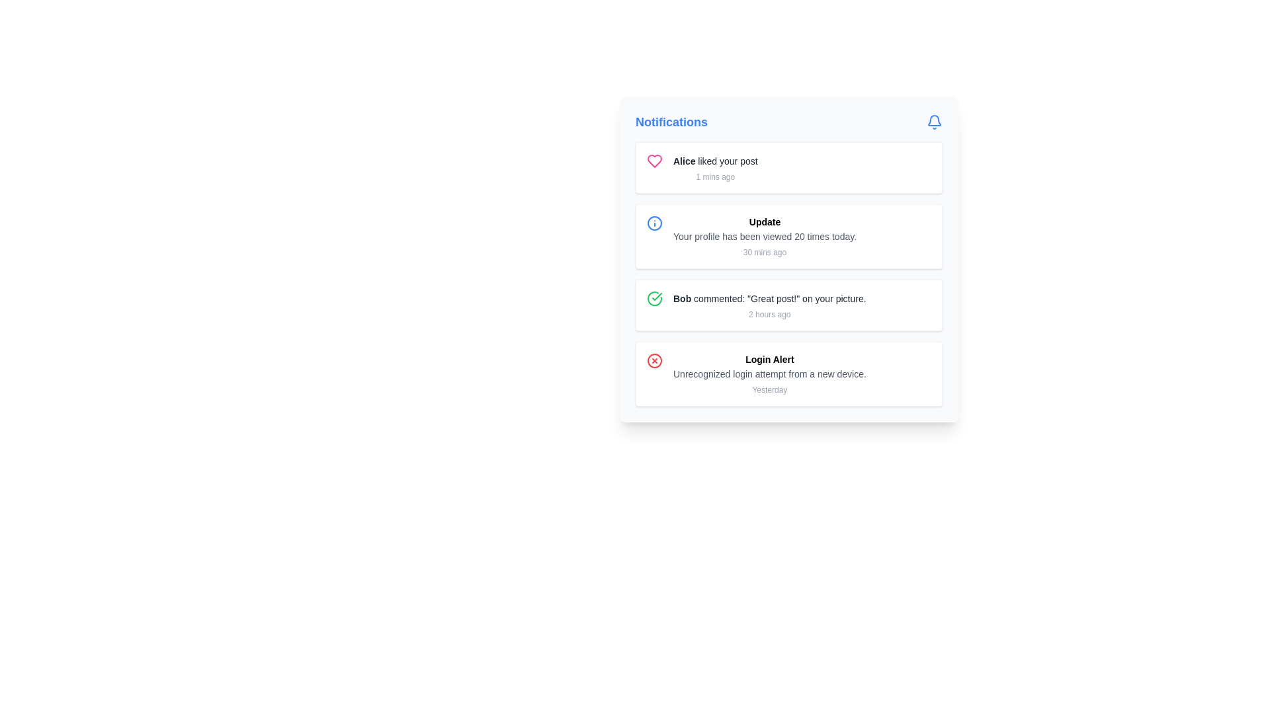 The height and width of the screenshot is (714, 1270). Describe the element at coordinates (789, 122) in the screenshot. I see `the notification icon on the Header bar, which features a blue bell icon on the right side of the 'Notifications' text` at that location.